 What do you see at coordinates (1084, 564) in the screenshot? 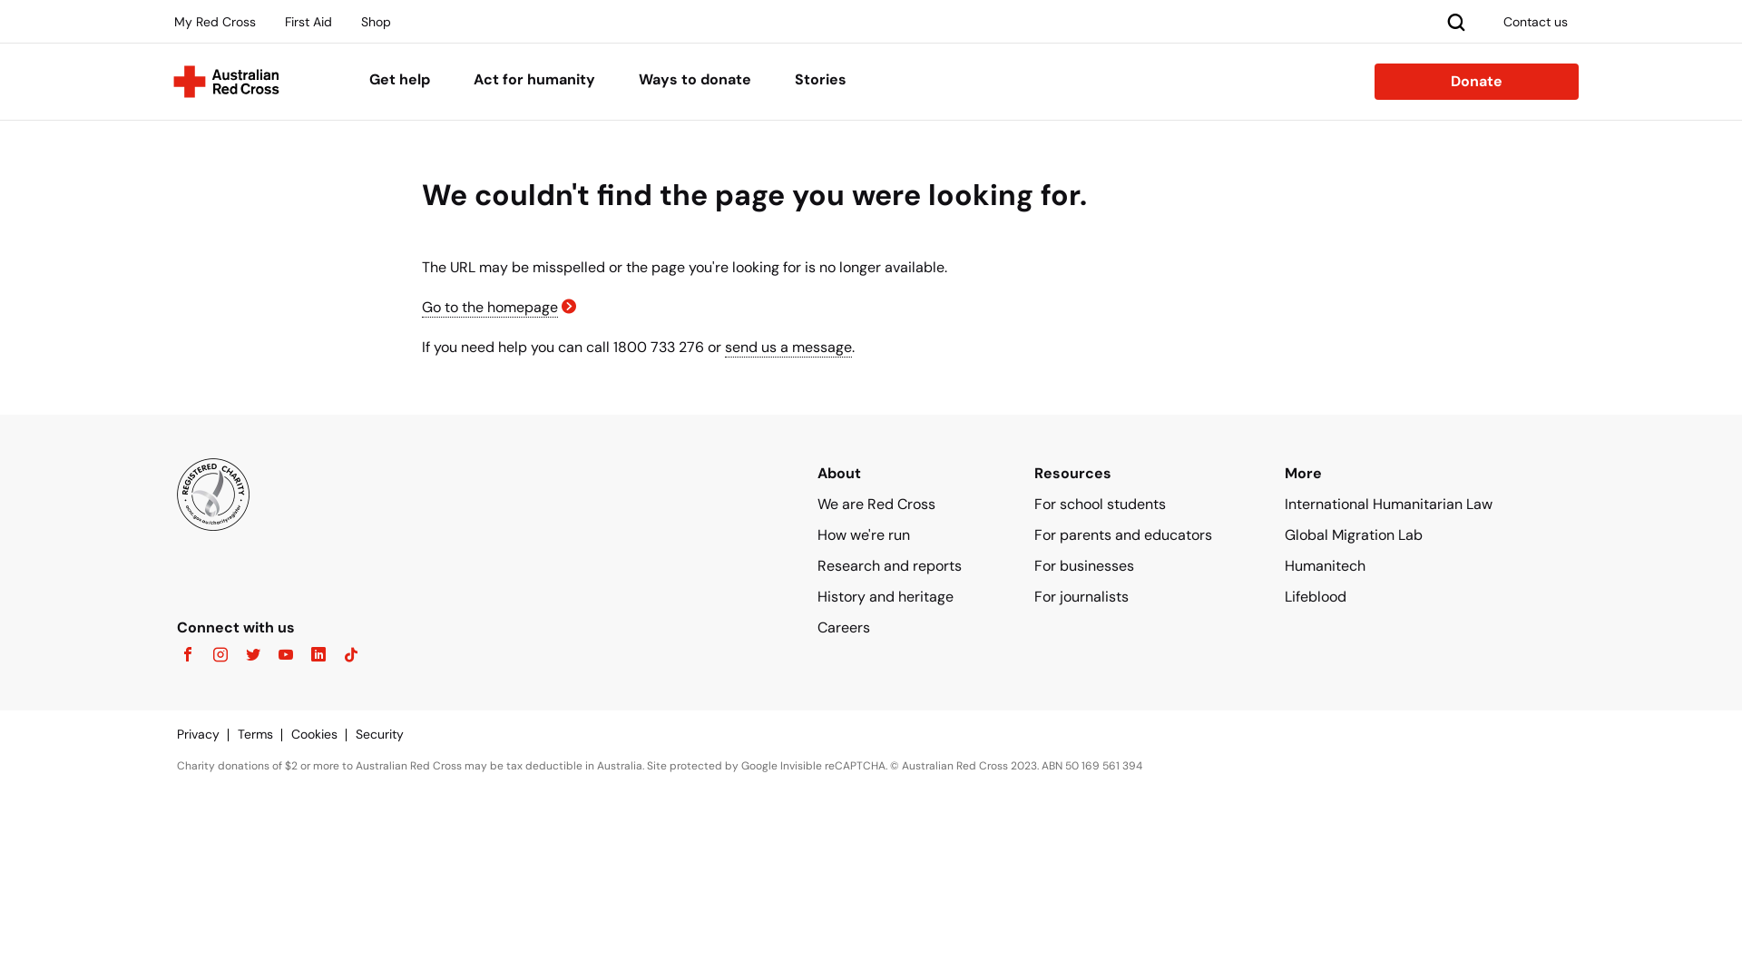
I see `'For businesses'` at bounding box center [1084, 564].